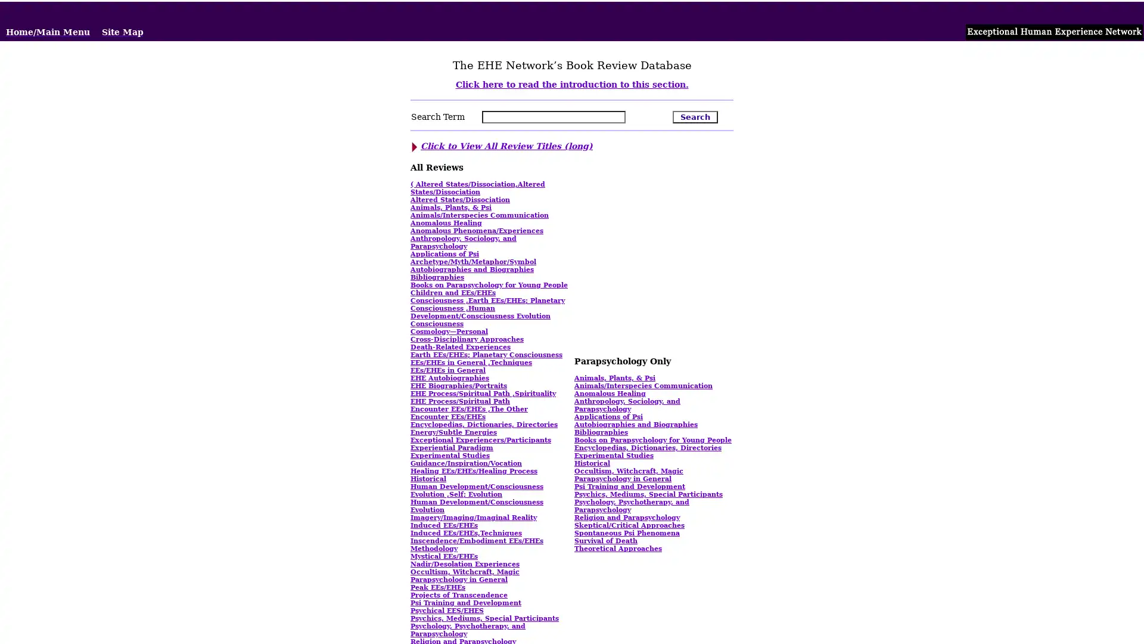  What do you see at coordinates (695, 116) in the screenshot?
I see `Search` at bounding box center [695, 116].